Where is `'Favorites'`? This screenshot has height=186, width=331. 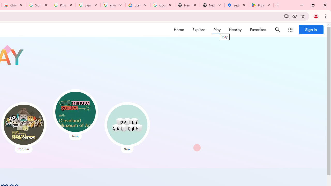
'Favorites' is located at coordinates (258, 30).